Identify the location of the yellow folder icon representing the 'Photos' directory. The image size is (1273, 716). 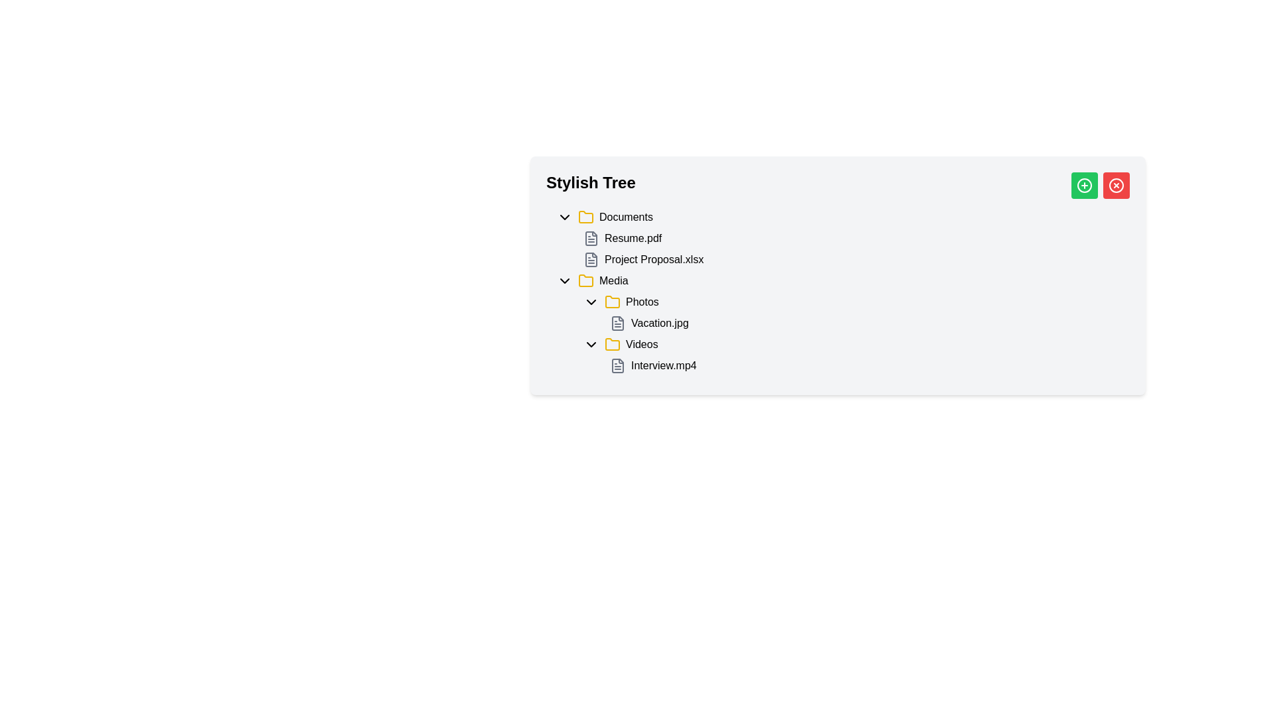
(612, 302).